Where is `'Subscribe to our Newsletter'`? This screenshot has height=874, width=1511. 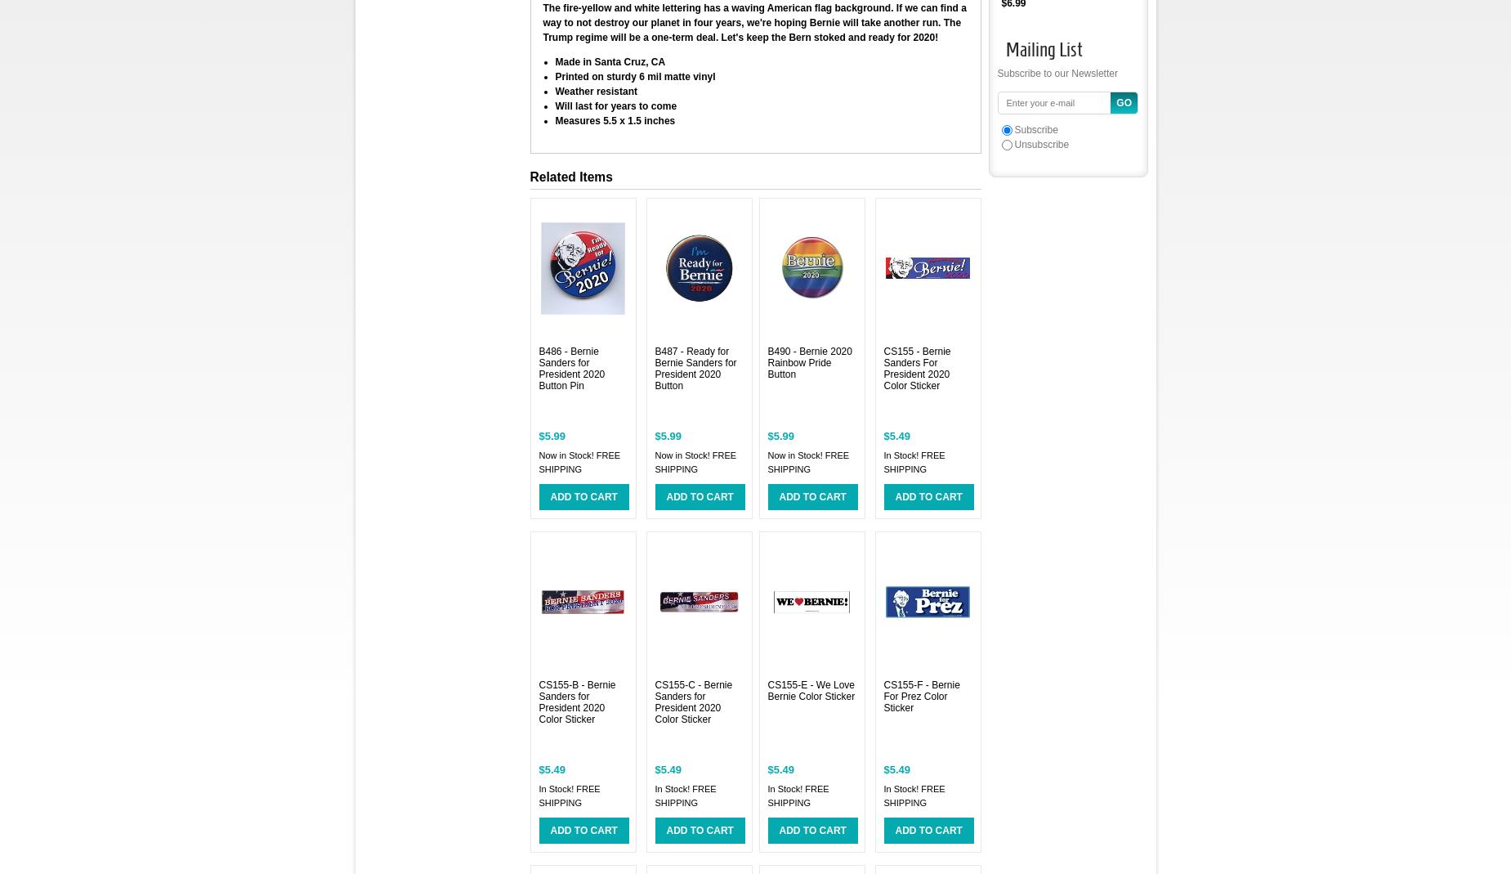 'Subscribe to our Newsletter' is located at coordinates (1057, 73).